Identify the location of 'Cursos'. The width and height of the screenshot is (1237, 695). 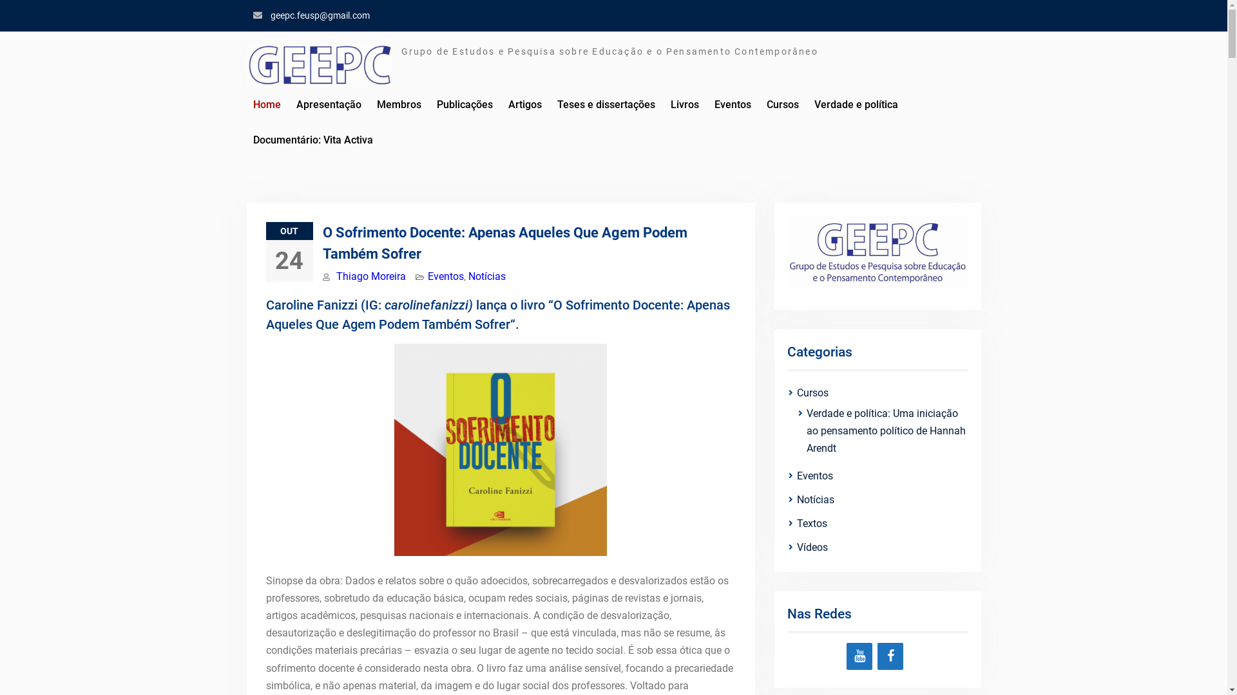
(796, 392).